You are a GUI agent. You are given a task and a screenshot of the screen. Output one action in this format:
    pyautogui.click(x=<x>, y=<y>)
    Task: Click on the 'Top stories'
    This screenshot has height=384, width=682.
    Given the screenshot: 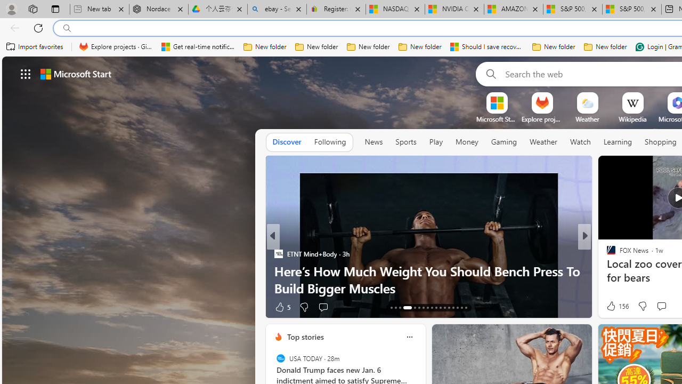 What is the action you would take?
    pyautogui.click(x=304, y=337)
    